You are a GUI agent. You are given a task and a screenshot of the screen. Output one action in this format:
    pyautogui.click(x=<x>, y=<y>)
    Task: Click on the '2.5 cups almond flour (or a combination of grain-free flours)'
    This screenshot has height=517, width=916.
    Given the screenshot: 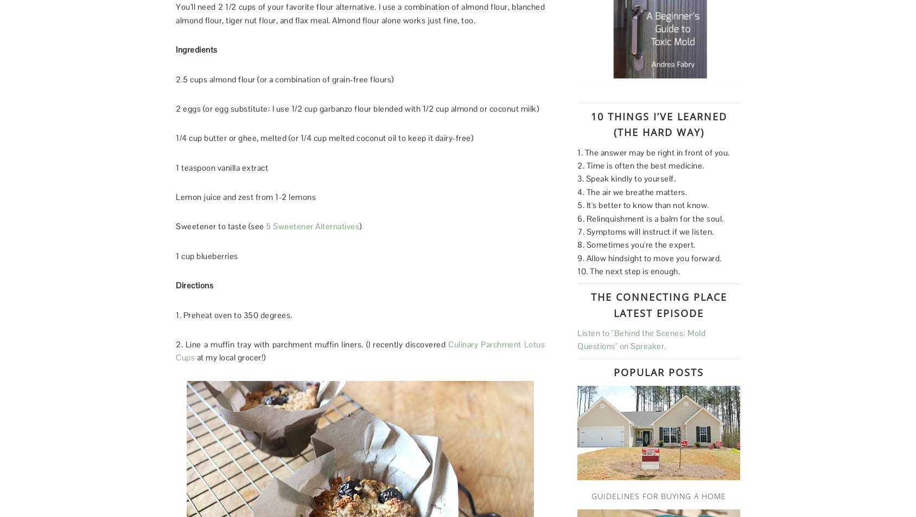 What is the action you would take?
    pyautogui.click(x=284, y=78)
    